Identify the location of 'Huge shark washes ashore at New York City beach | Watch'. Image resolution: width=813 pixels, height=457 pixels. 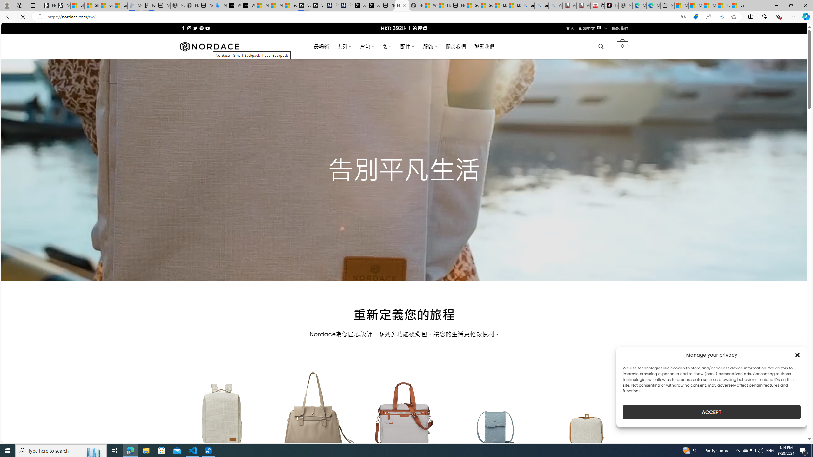
(444, 5).